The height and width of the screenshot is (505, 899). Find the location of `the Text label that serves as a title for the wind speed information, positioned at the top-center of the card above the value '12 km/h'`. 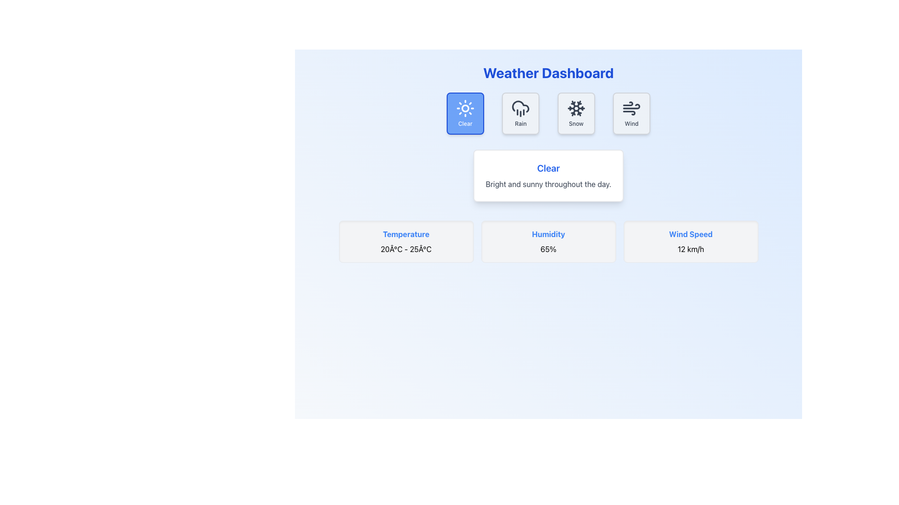

the Text label that serves as a title for the wind speed information, positioned at the top-center of the card above the value '12 km/h' is located at coordinates (691, 234).